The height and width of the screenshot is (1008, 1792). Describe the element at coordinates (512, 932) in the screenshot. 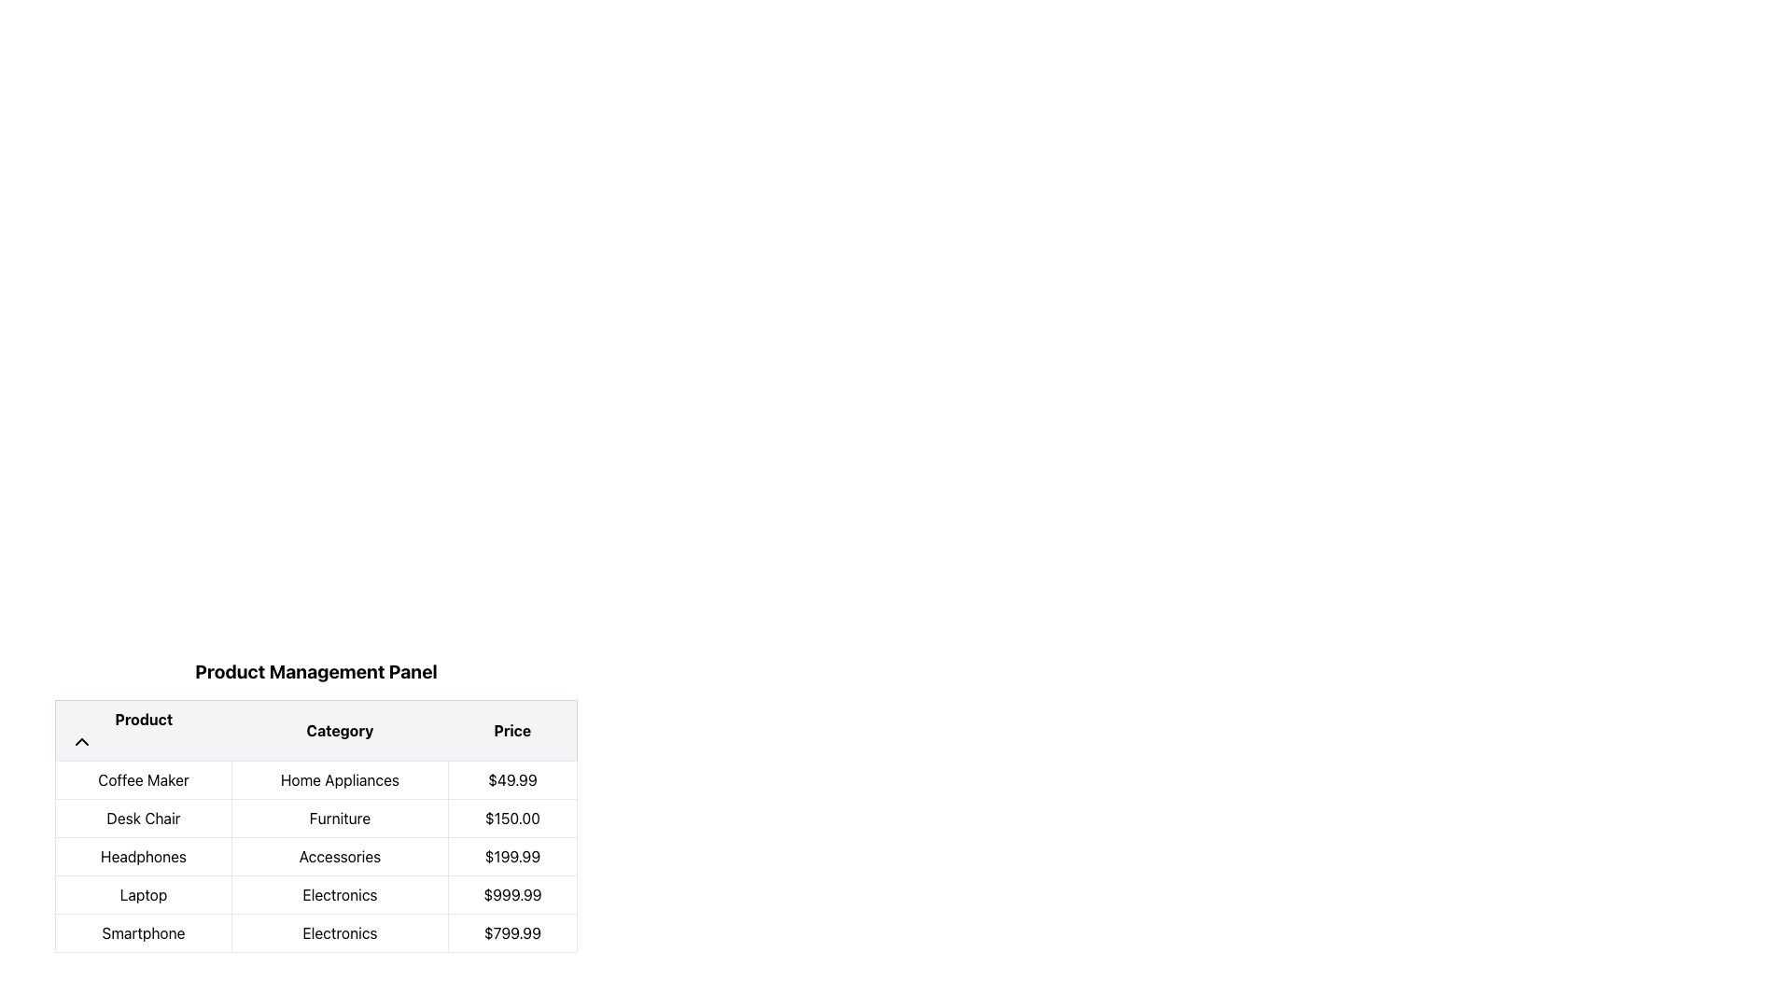

I see `the static text displaying '$799.99' in the Price column of the last row of the table` at that location.